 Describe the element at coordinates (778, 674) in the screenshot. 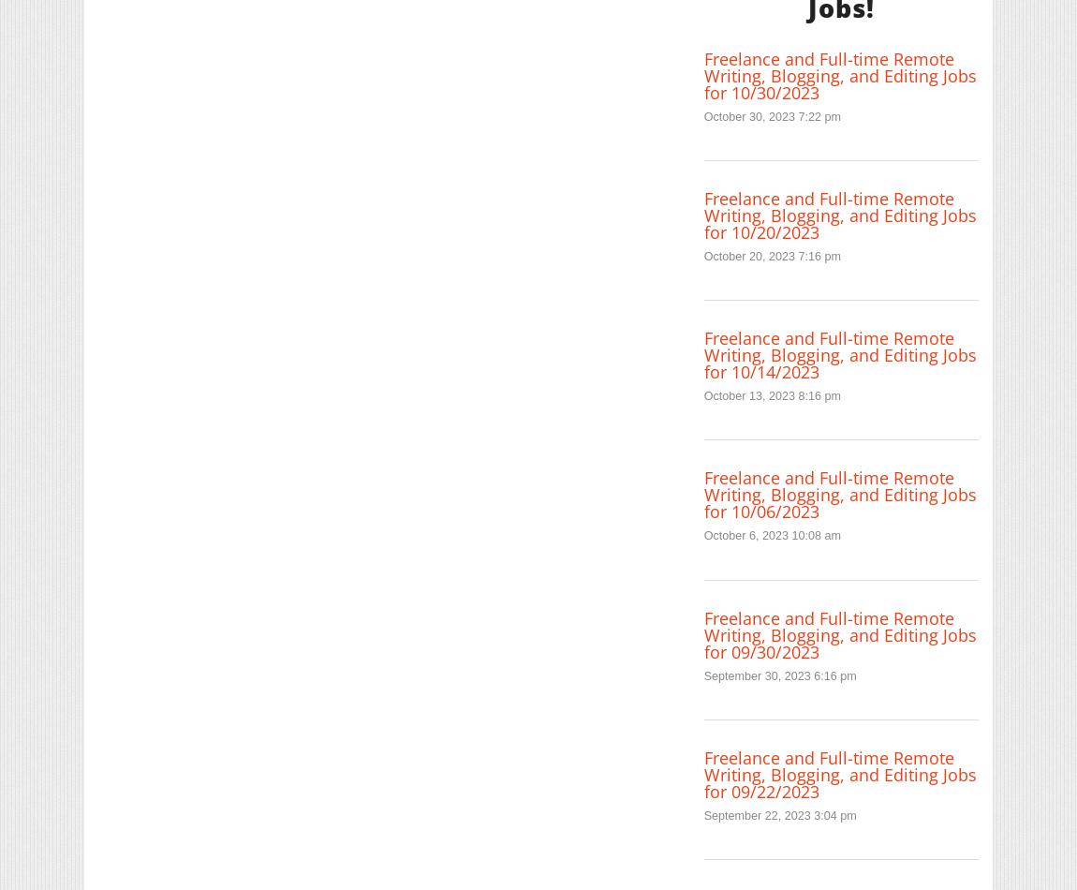

I see `'September 30, 2023 6:16 pm'` at that location.